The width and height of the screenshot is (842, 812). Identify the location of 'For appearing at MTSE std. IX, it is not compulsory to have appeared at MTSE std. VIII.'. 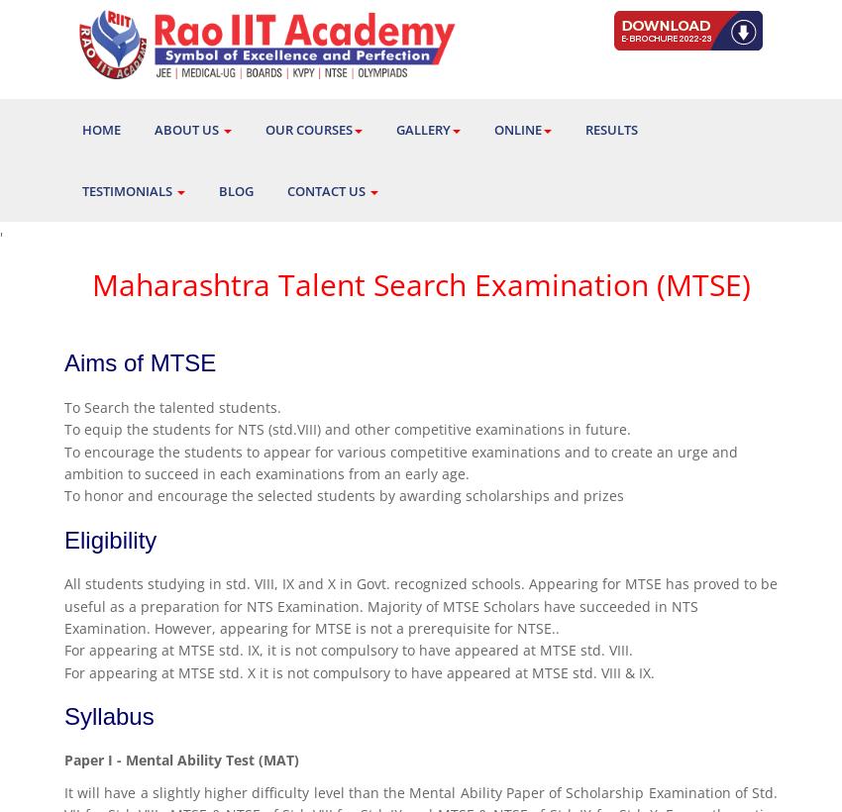
(347, 649).